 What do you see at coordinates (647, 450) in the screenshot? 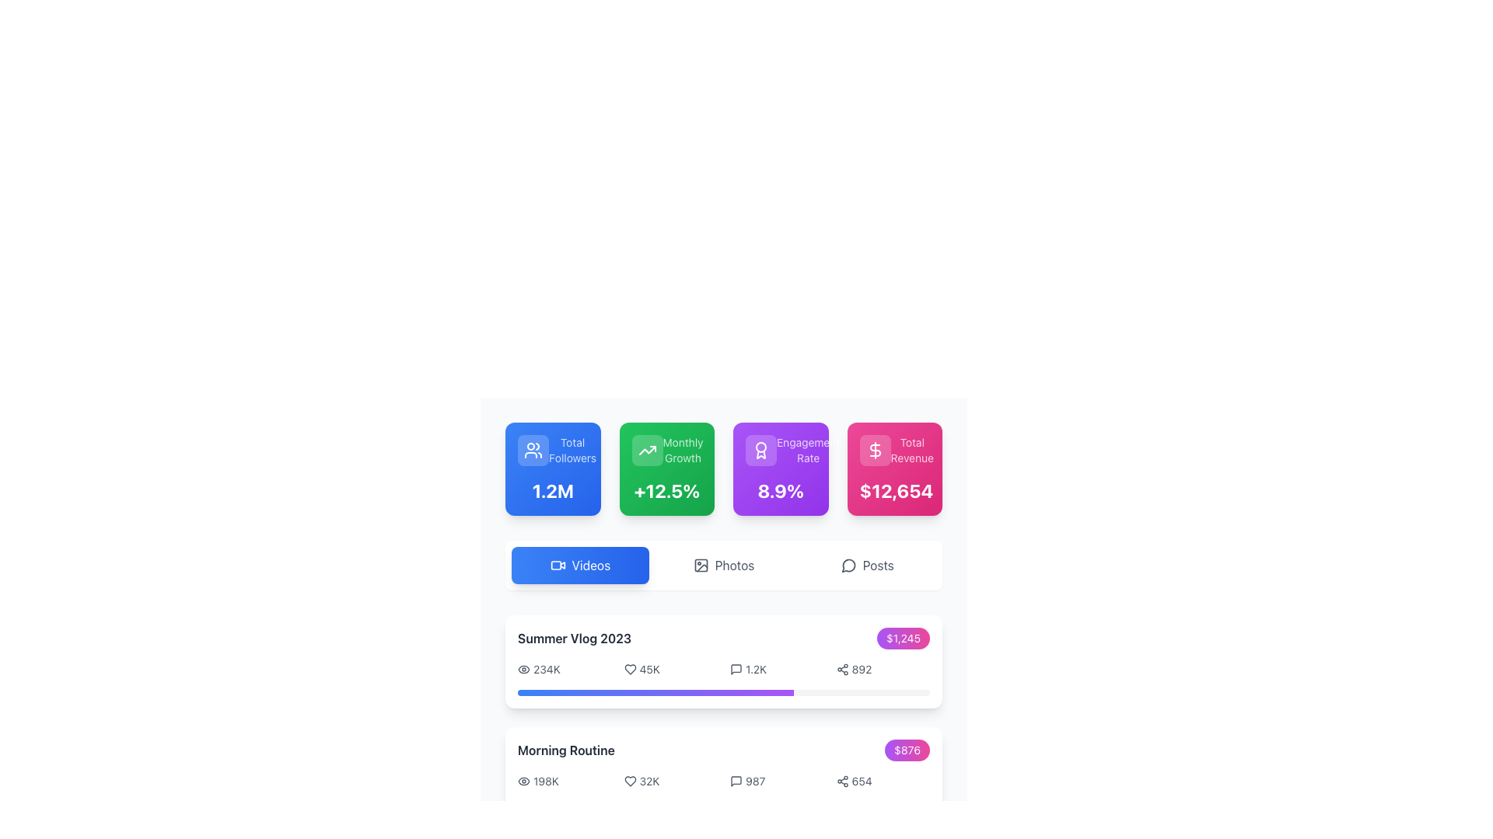
I see `the upward trending line icon with a white outline on a green background, located in the top-left corner of the 'Monthly Growth' metric card` at bounding box center [647, 450].